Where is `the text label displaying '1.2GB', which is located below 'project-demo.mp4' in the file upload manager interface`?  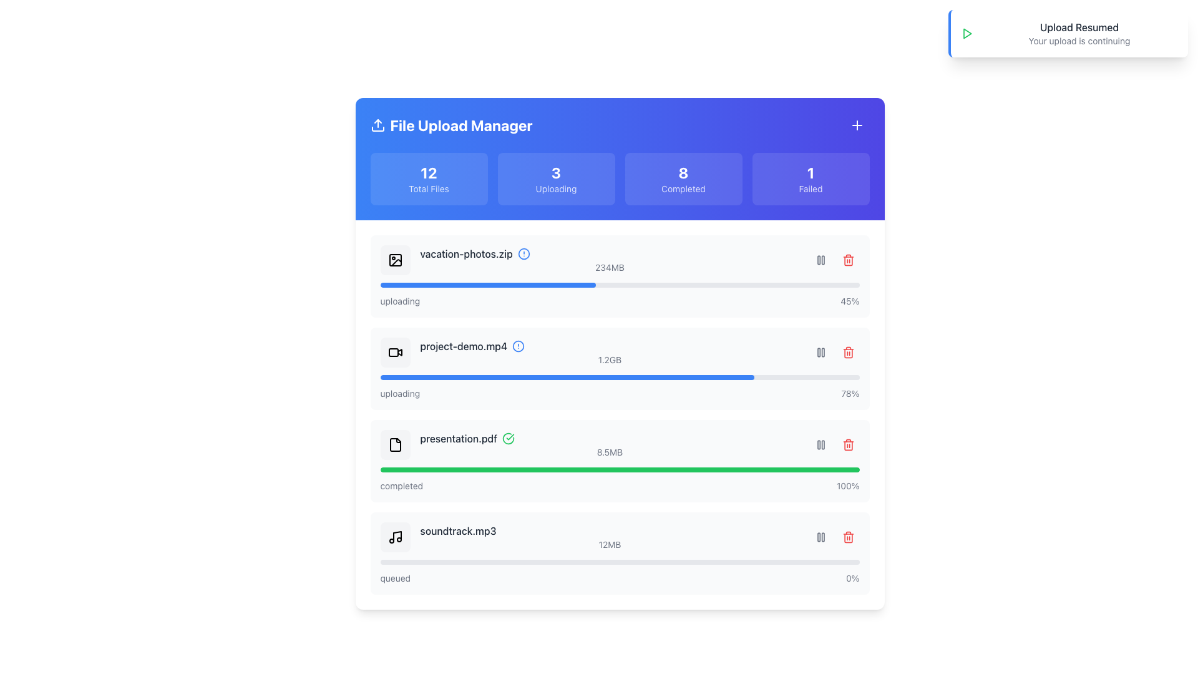 the text label displaying '1.2GB', which is located below 'project-demo.mp4' in the file upload manager interface is located at coordinates (610, 360).